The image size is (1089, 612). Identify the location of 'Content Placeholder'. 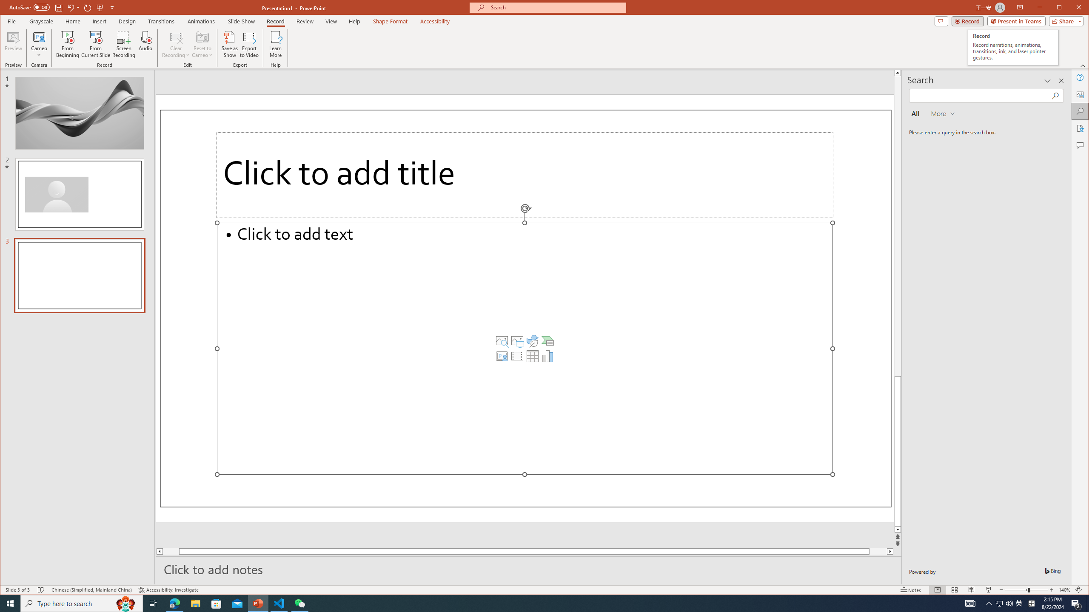
(524, 348).